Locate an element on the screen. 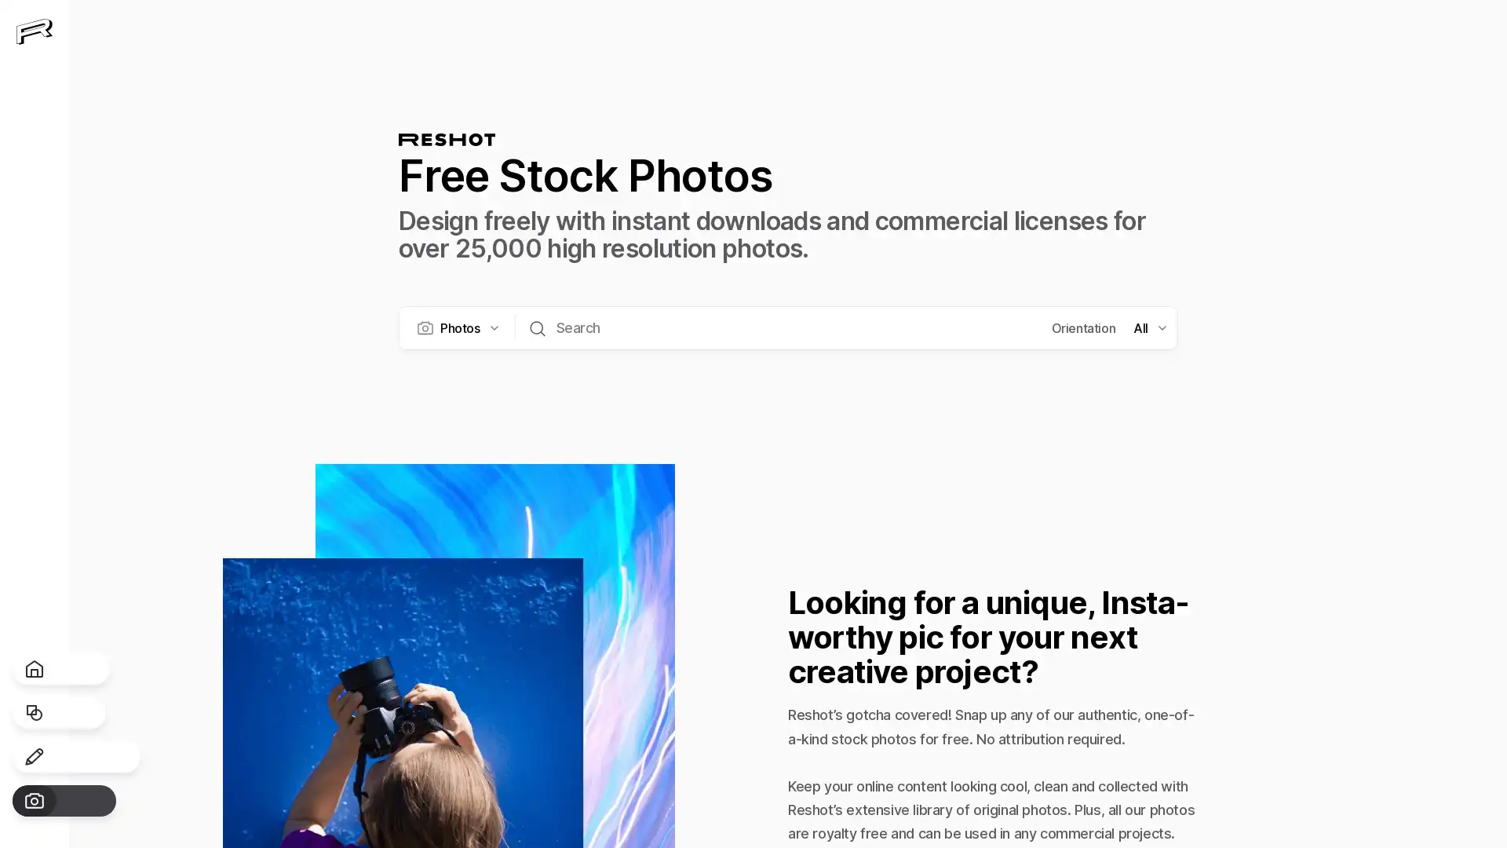  Search is located at coordinates (537, 326).